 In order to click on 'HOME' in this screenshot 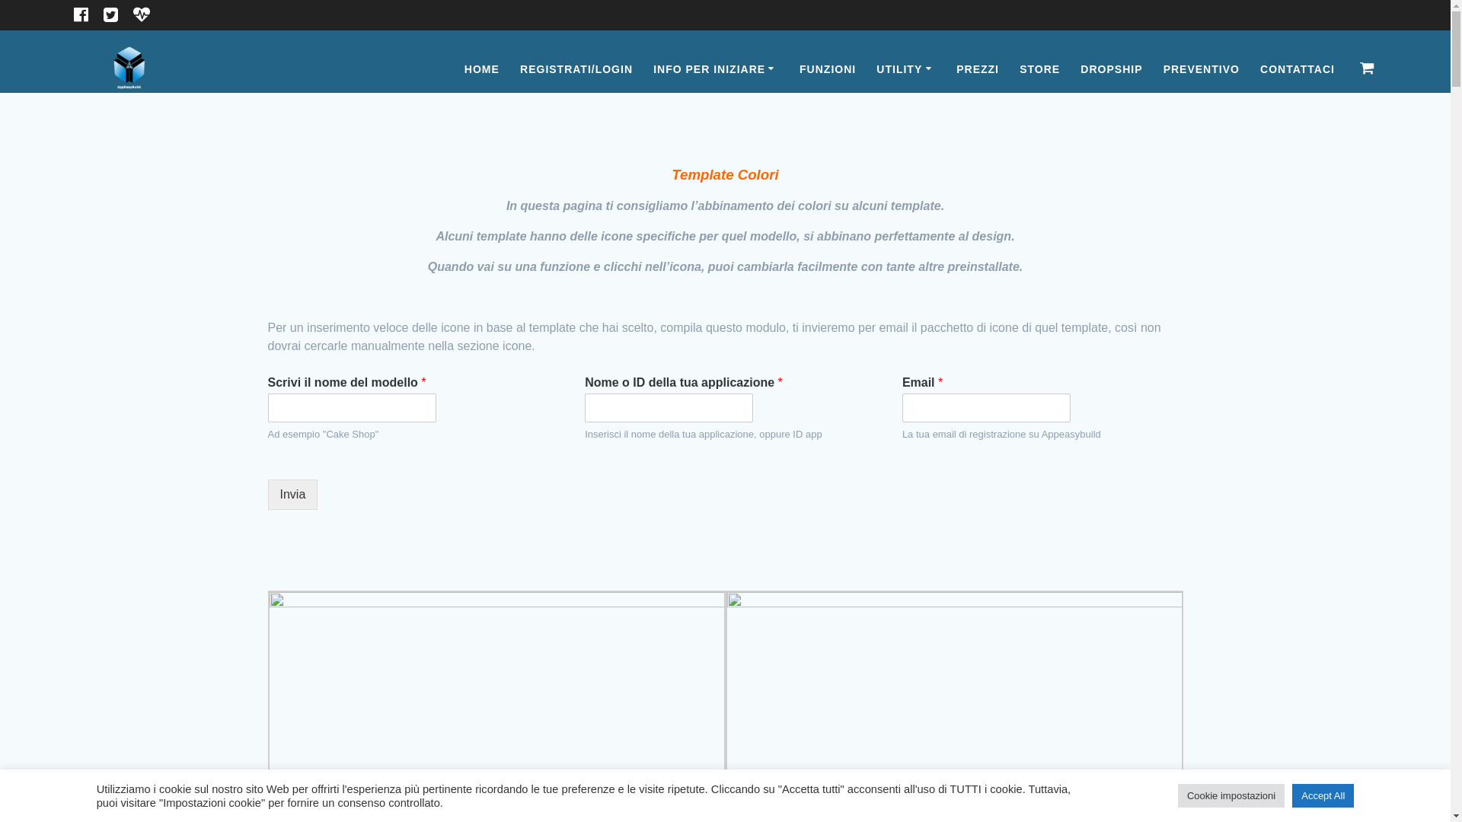, I will do `click(481, 69)`.